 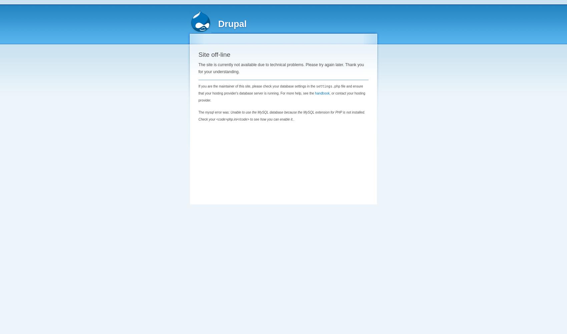 What do you see at coordinates (322, 93) in the screenshot?
I see `'handbook'` at bounding box center [322, 93].